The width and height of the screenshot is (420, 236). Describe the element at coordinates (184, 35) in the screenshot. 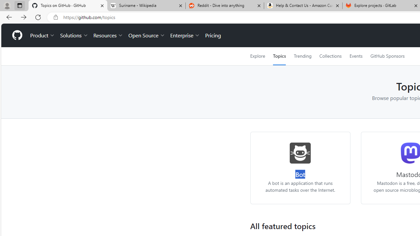

I see `'Enterprise'` at that location.